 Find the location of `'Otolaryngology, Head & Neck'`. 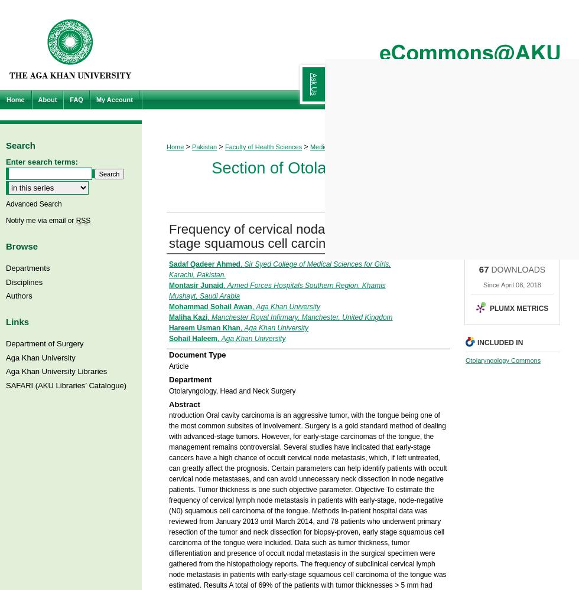

'Otolaryngology, Head & Neck' is located at coordinates (395, 146).